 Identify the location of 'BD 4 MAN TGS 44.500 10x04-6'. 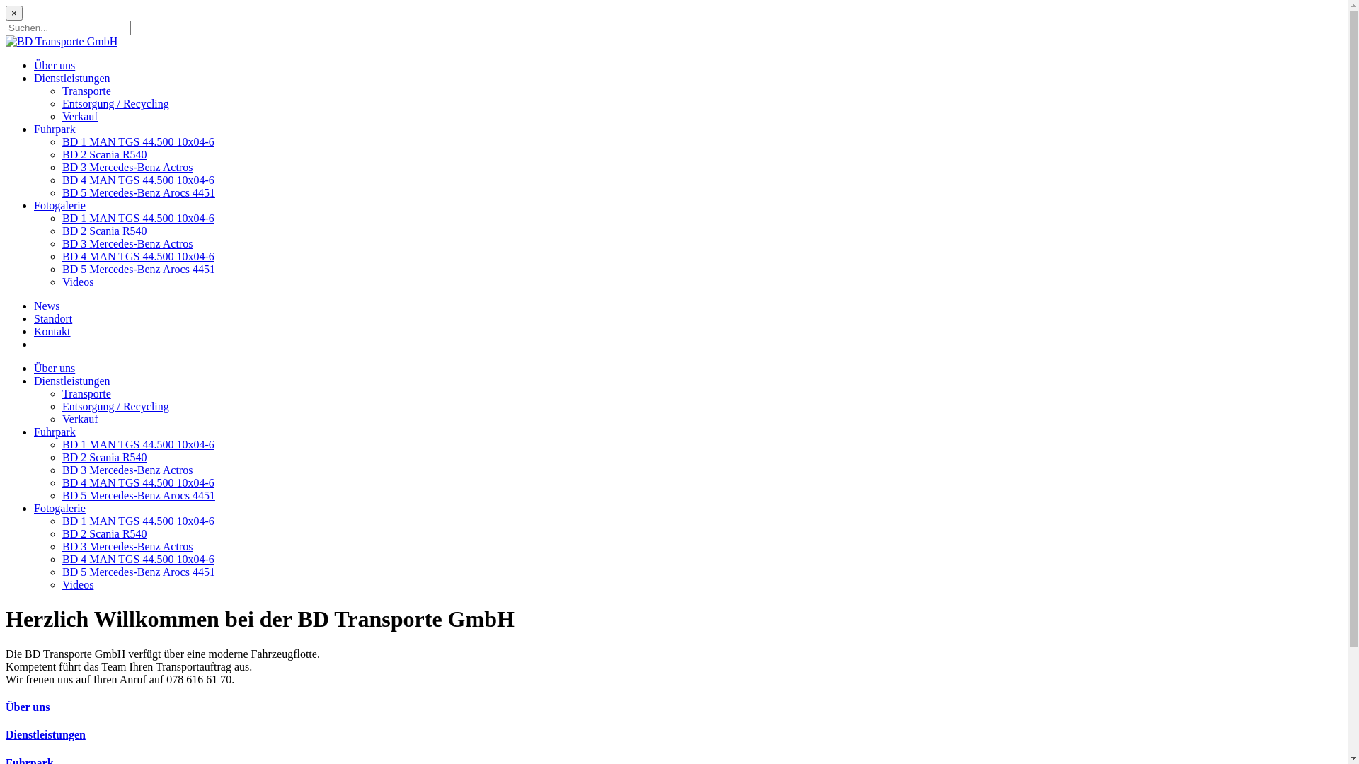
(138, 256).